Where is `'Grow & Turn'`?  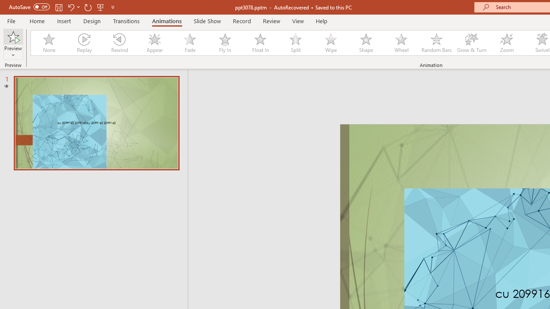
'Grow & Turn' is located at coordinates (471, 43).